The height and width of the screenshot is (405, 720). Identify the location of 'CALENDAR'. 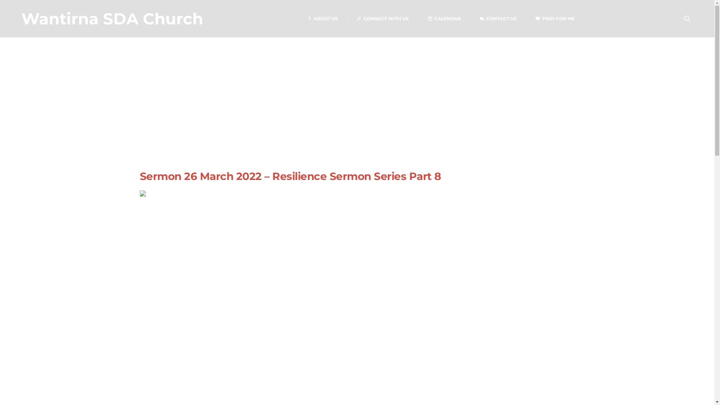
(444, 18).